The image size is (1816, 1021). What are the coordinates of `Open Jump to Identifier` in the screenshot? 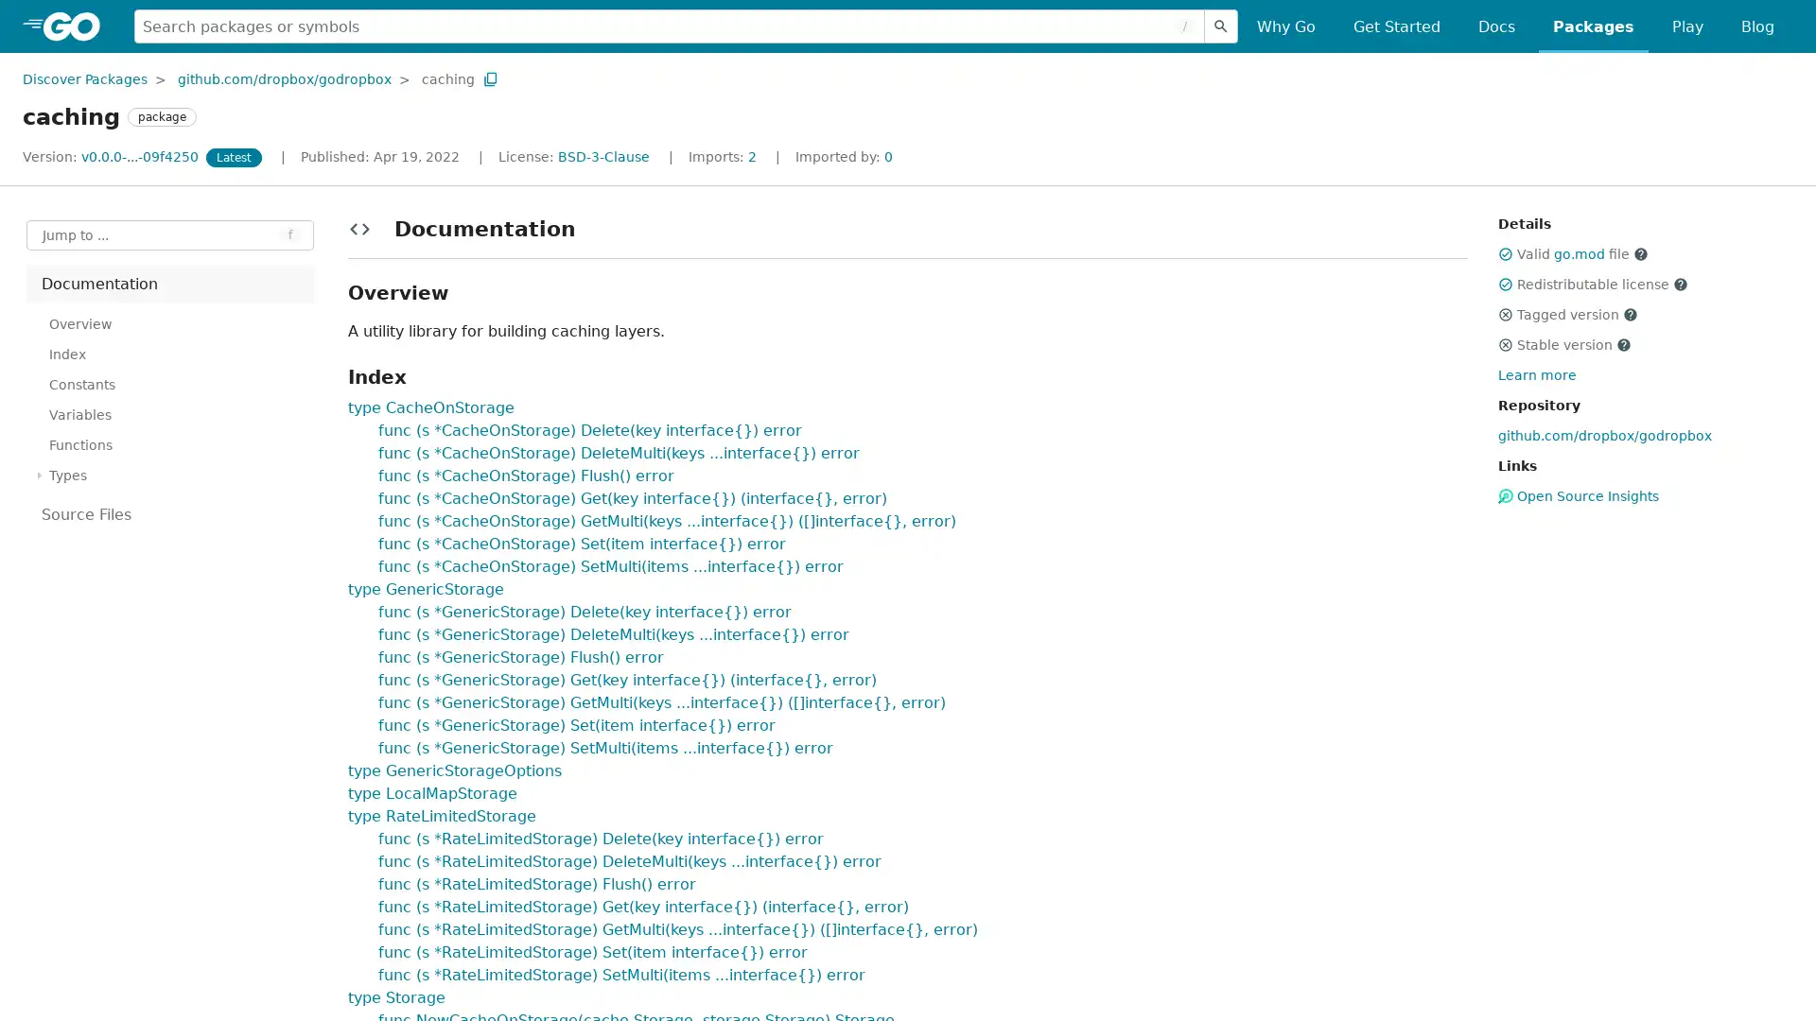 It's located at (170, 234).